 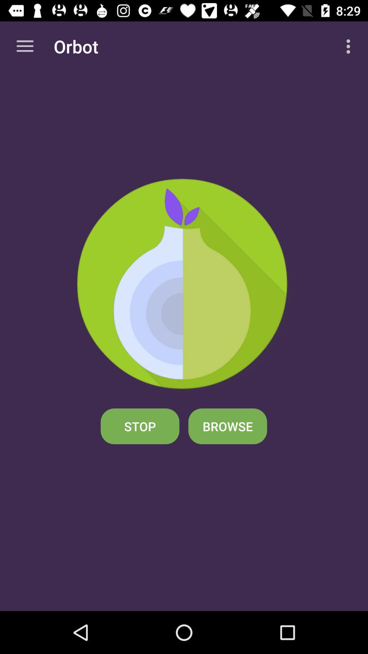 I want to click on the browse, so click(x=228, y=426).